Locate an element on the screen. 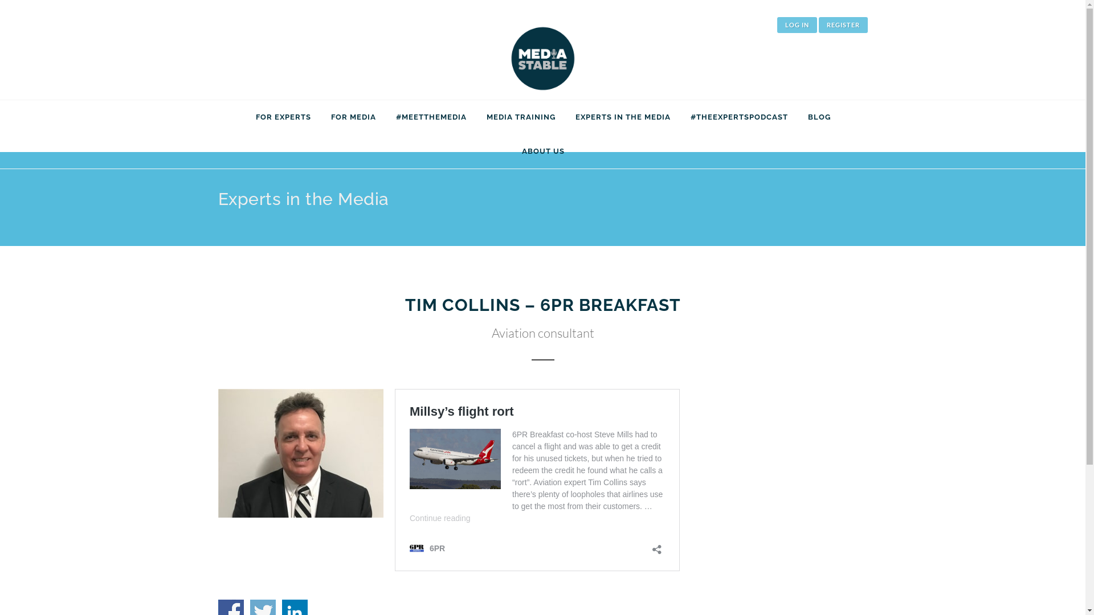 This screenshot has width=1094, height=615. 'LOG IN' is located at coordinates (796, 24).